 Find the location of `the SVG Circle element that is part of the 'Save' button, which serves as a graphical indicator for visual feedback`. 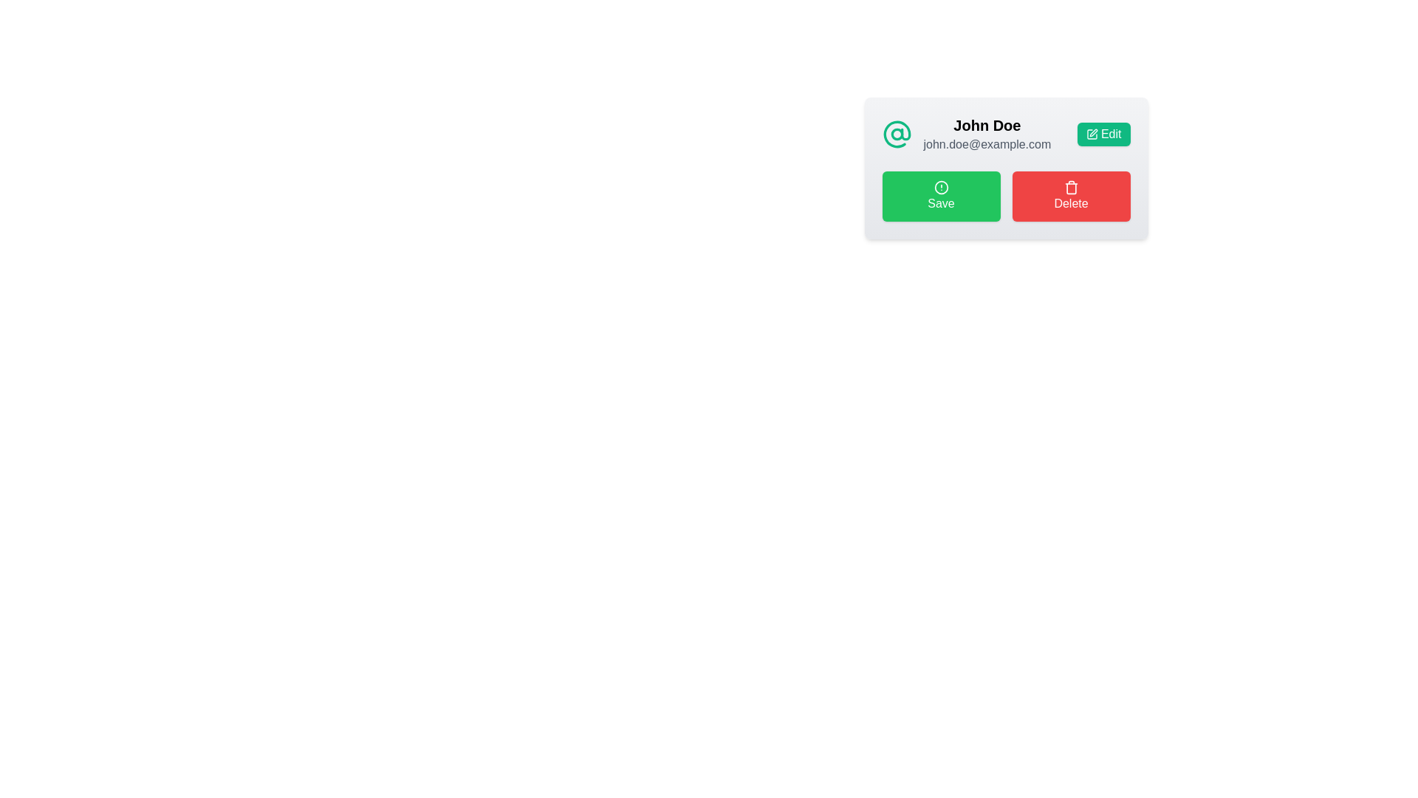

the SVG Circle element that is part of the 'Save' button, which serves as a graphical indicator for visual feedback is located at coordinates (940, 187).